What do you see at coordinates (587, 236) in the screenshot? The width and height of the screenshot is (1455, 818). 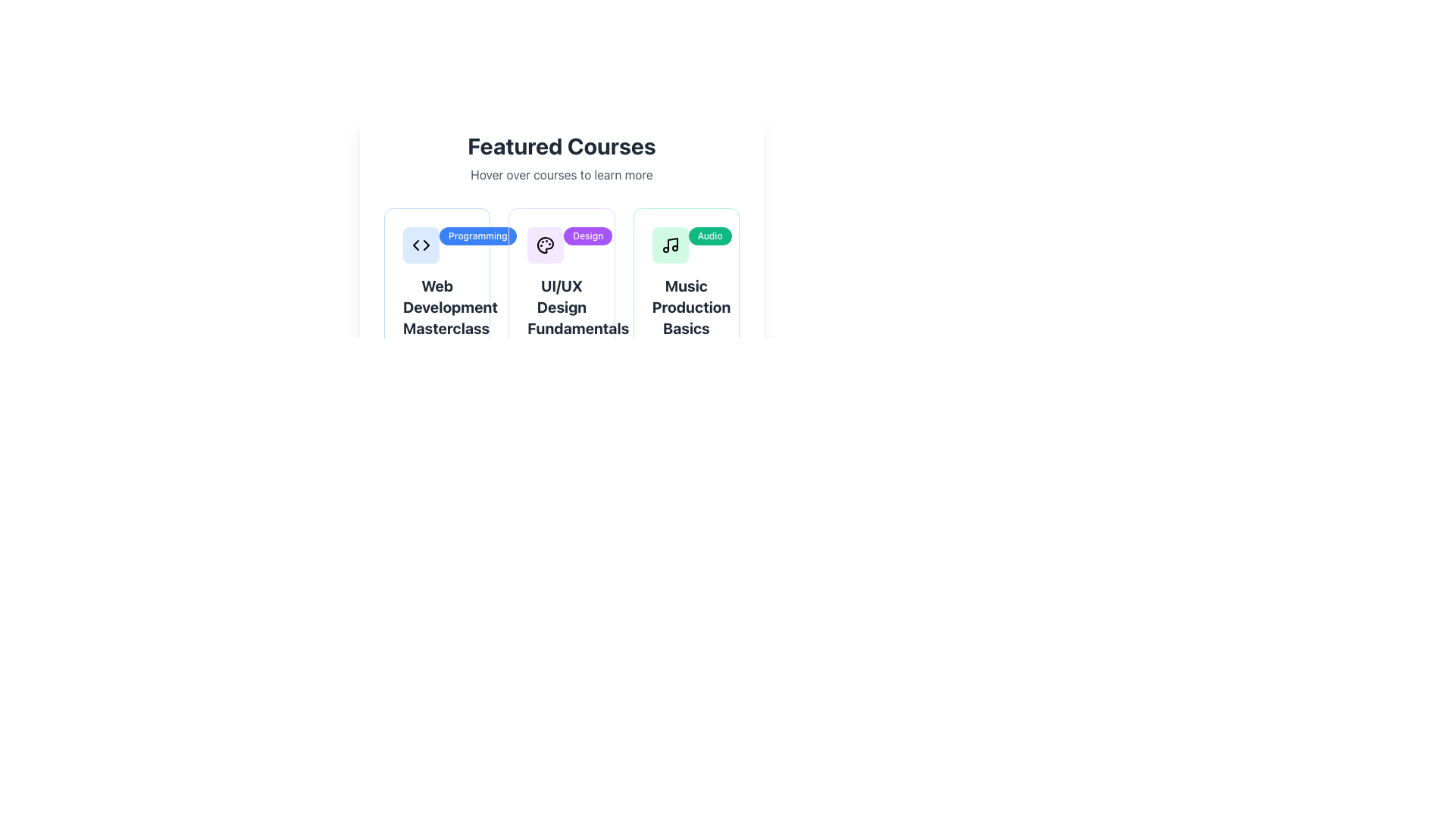 I see `the pill-shaped tag labeled 'Design' with a purple background and white text, located in the 'UI/UX Design Fundamentals' card in the 'Featured Courses' section` at bounding box center [587, 236].